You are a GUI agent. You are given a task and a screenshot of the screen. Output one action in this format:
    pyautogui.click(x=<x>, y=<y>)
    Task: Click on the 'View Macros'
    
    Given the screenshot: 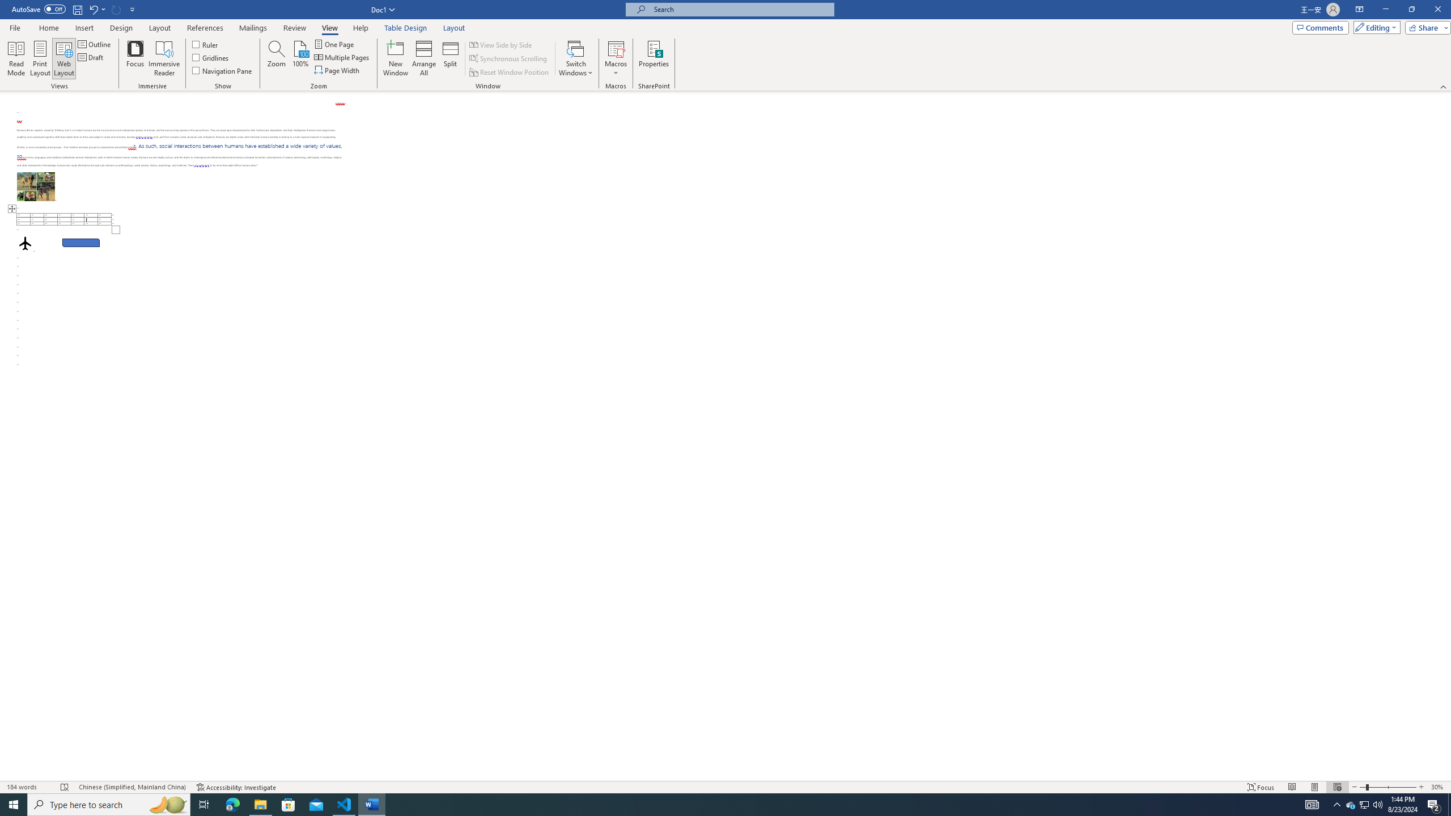 What is the action you would take?
    pyautogui.click(x=615, y=48)
    